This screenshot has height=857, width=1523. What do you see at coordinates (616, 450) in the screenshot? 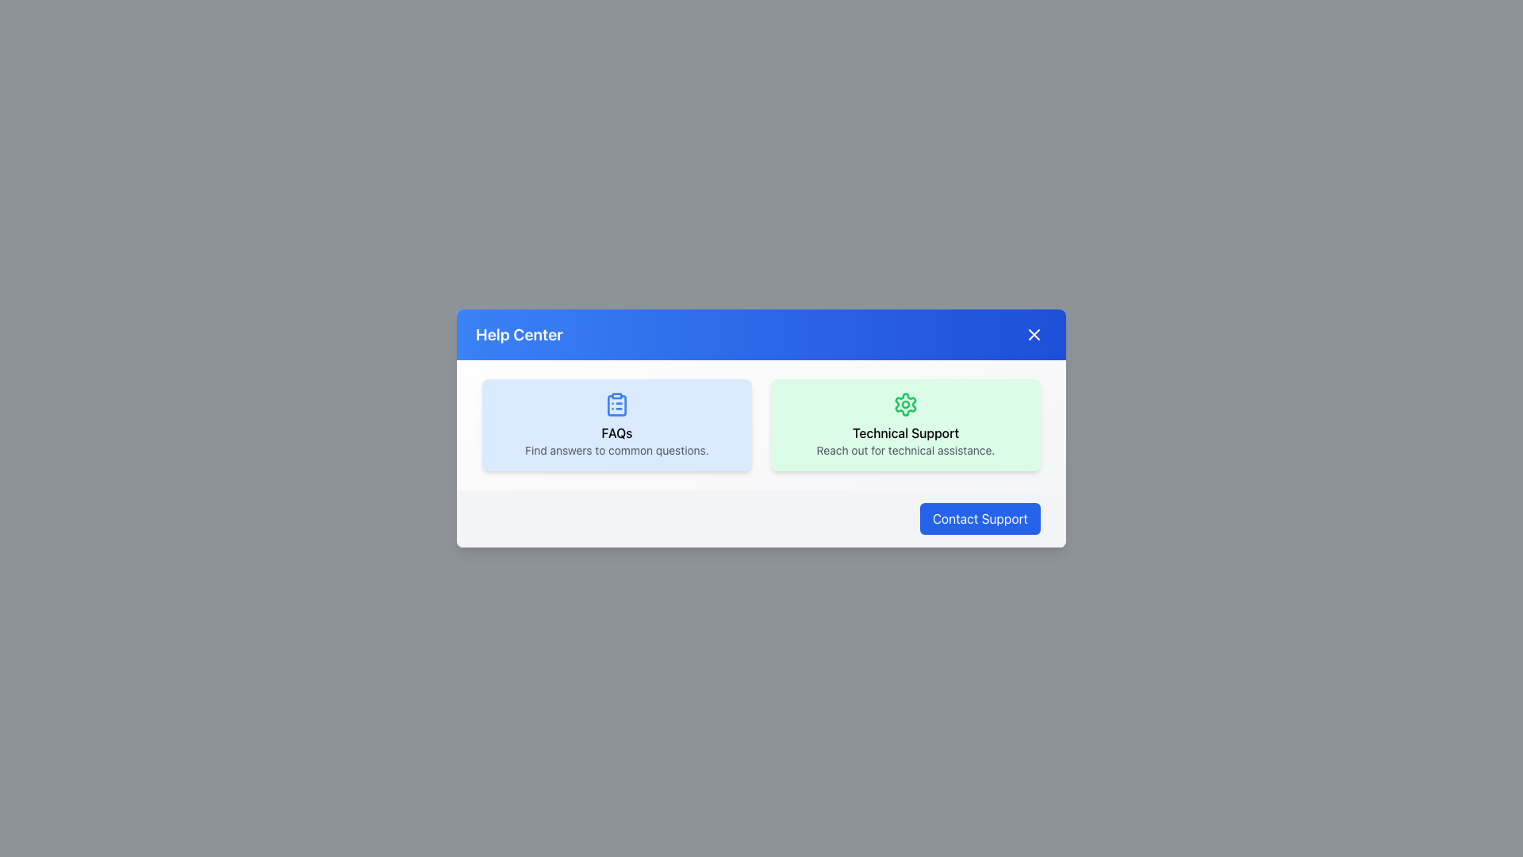
I see `the static text that serves as a brief description for the 'FAQs' section located in the bottom section of the 'Help Center' interface, centered below the title 'FAQs' and a clipboard icon` at bounding box center [616, 450].